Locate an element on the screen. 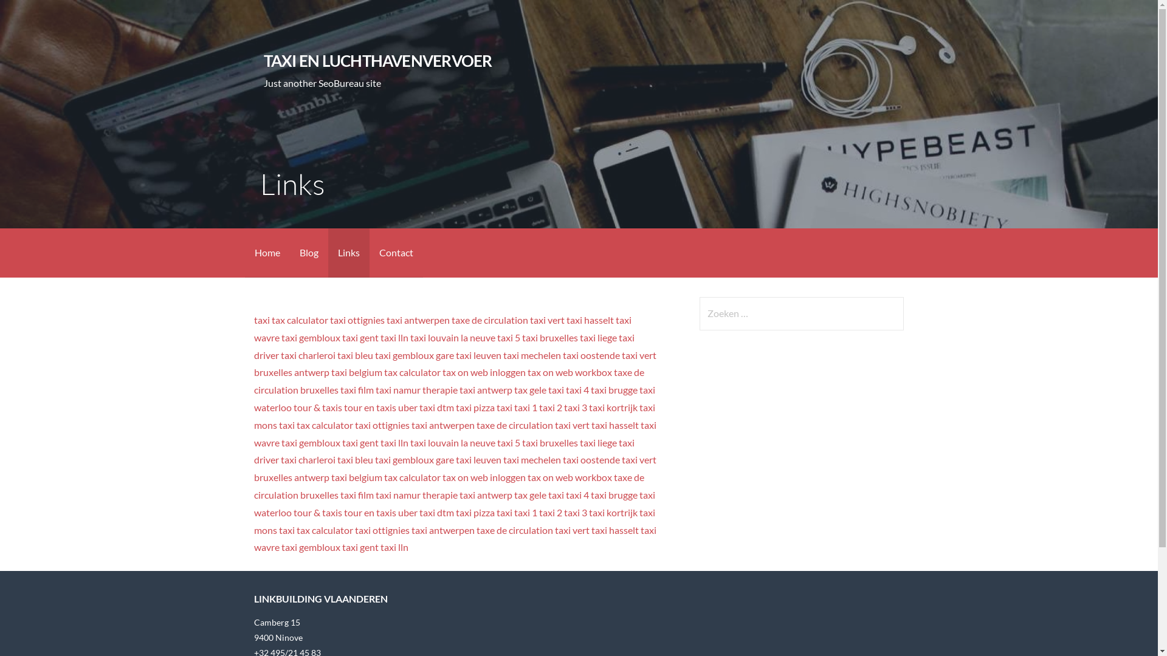 This screenshot has height=656, width=1167. 'taxi 3' is located at coordinates (574, 512).